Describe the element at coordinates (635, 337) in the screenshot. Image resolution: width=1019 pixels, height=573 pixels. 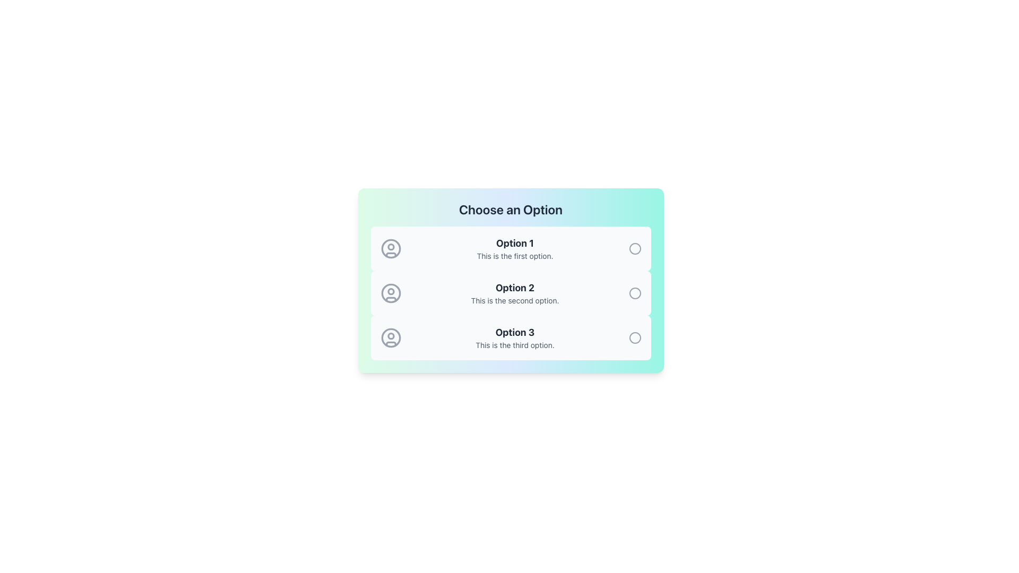
I see `the radio button located to the right of 'Option 3'` at that location.